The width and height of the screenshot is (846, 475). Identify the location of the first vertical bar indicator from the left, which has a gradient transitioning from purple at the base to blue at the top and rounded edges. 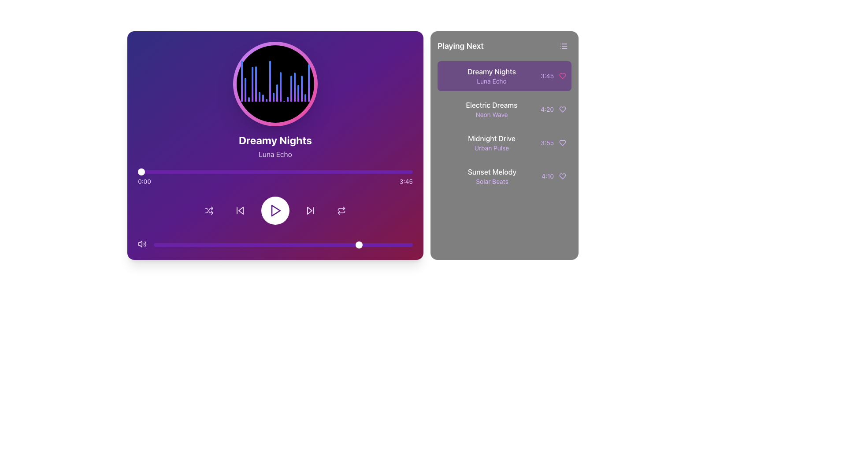
(241, 81).